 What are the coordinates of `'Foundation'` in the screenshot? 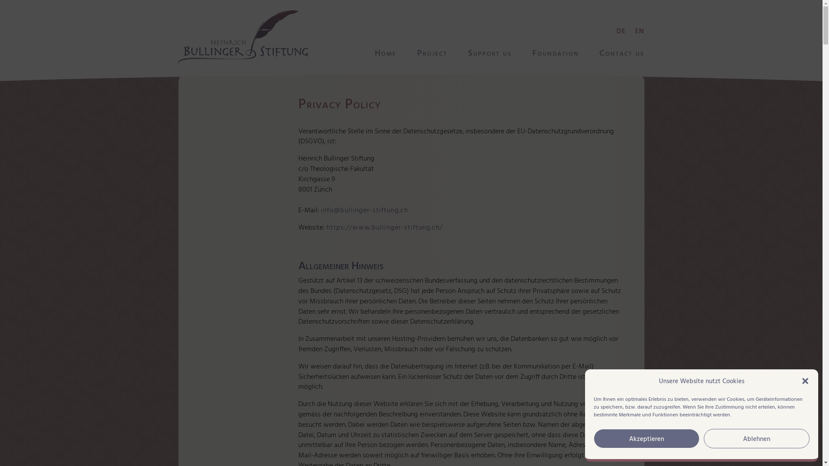 It's located at (555, 54).